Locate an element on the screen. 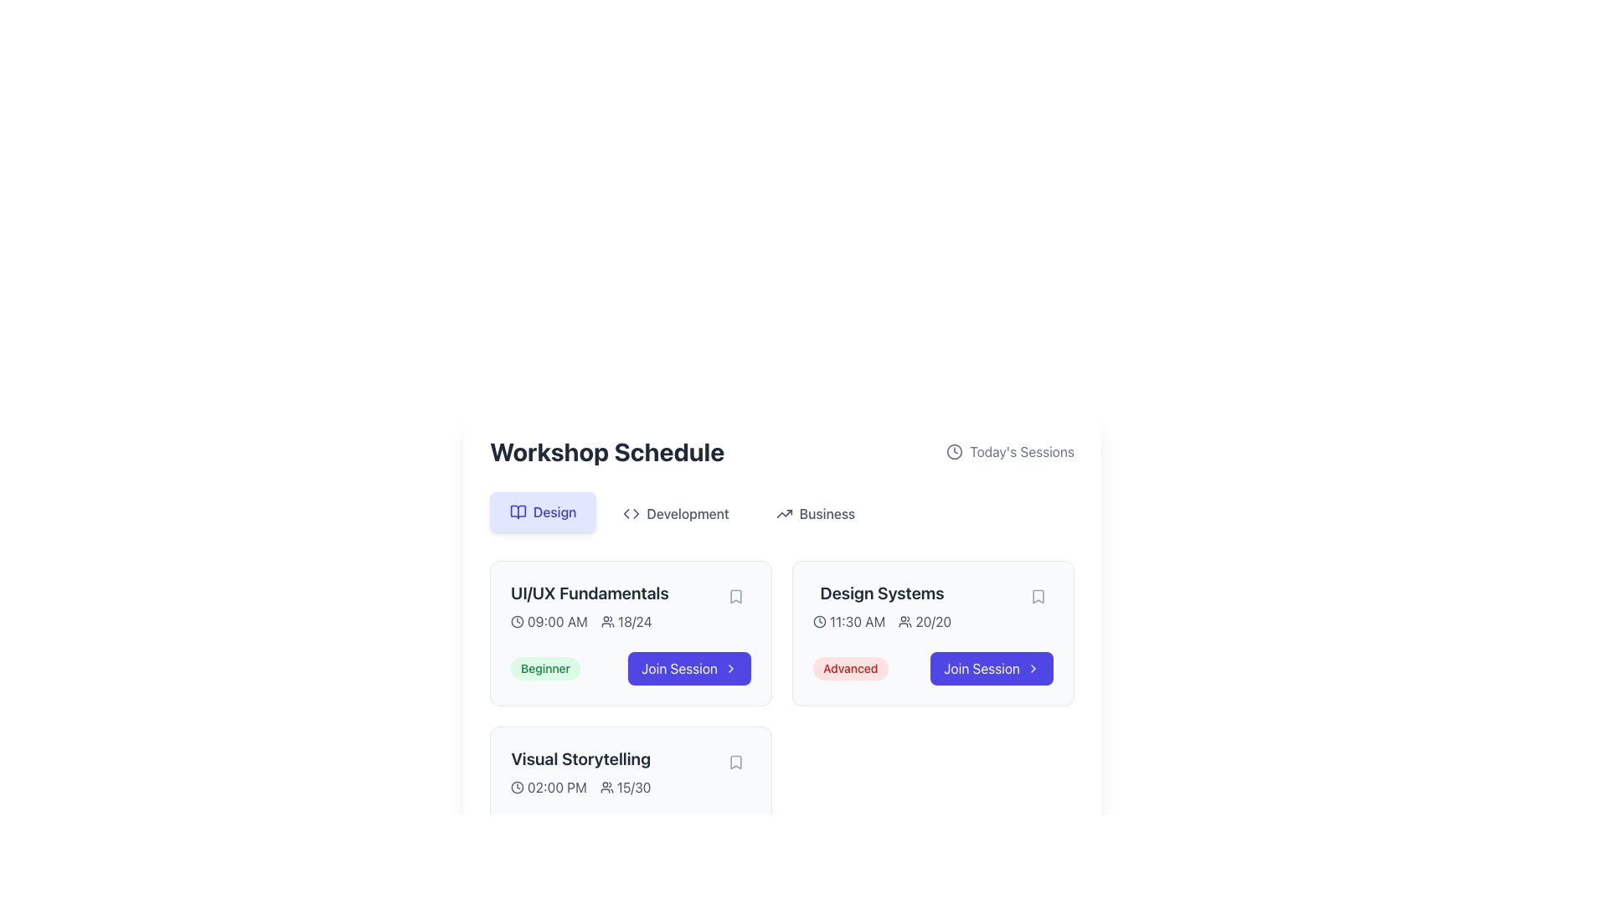 This screenshot has width=1608, height=904. the informational text group within the first card of the 'Design' category in the 'Workshop Schedule' section is located at coordinates (590, 607).